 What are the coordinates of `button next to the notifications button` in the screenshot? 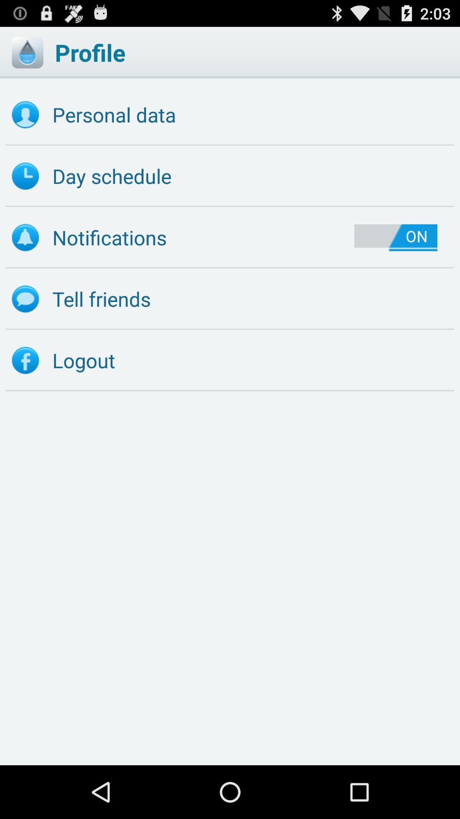 It's located at (396, 238).